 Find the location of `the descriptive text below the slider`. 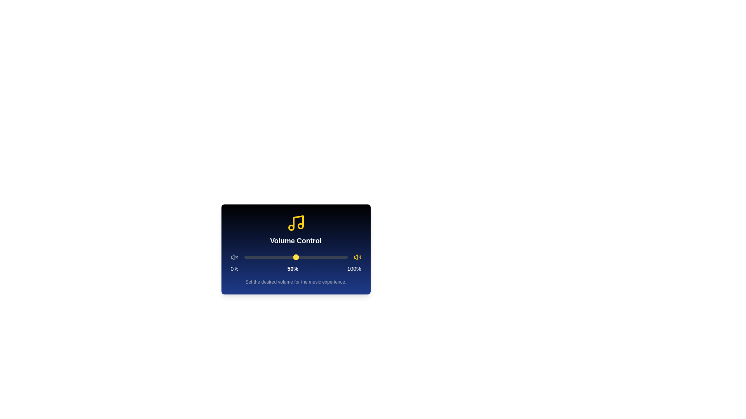

the descriptive text below the slider is located at coordinates (295, 282).